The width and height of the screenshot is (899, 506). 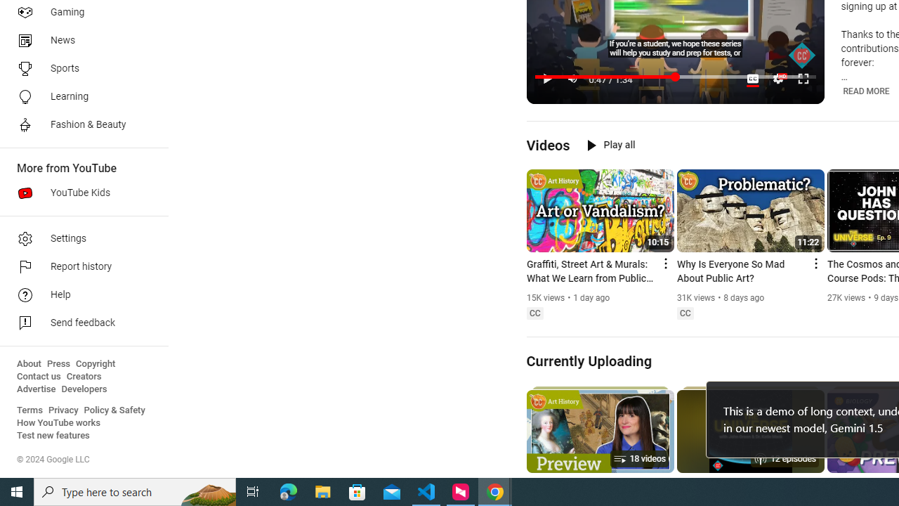 I want to click on 'Currently Uploading', so click(x=589, y=360).